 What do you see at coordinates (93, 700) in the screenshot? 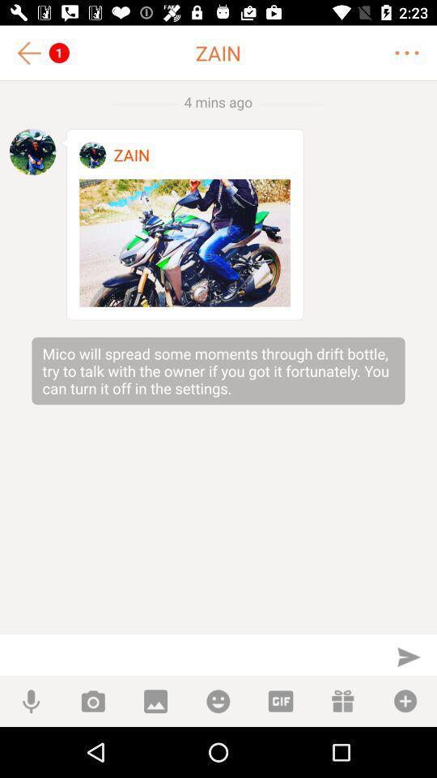
I see `take a picture` at bounding box center [93, 700].